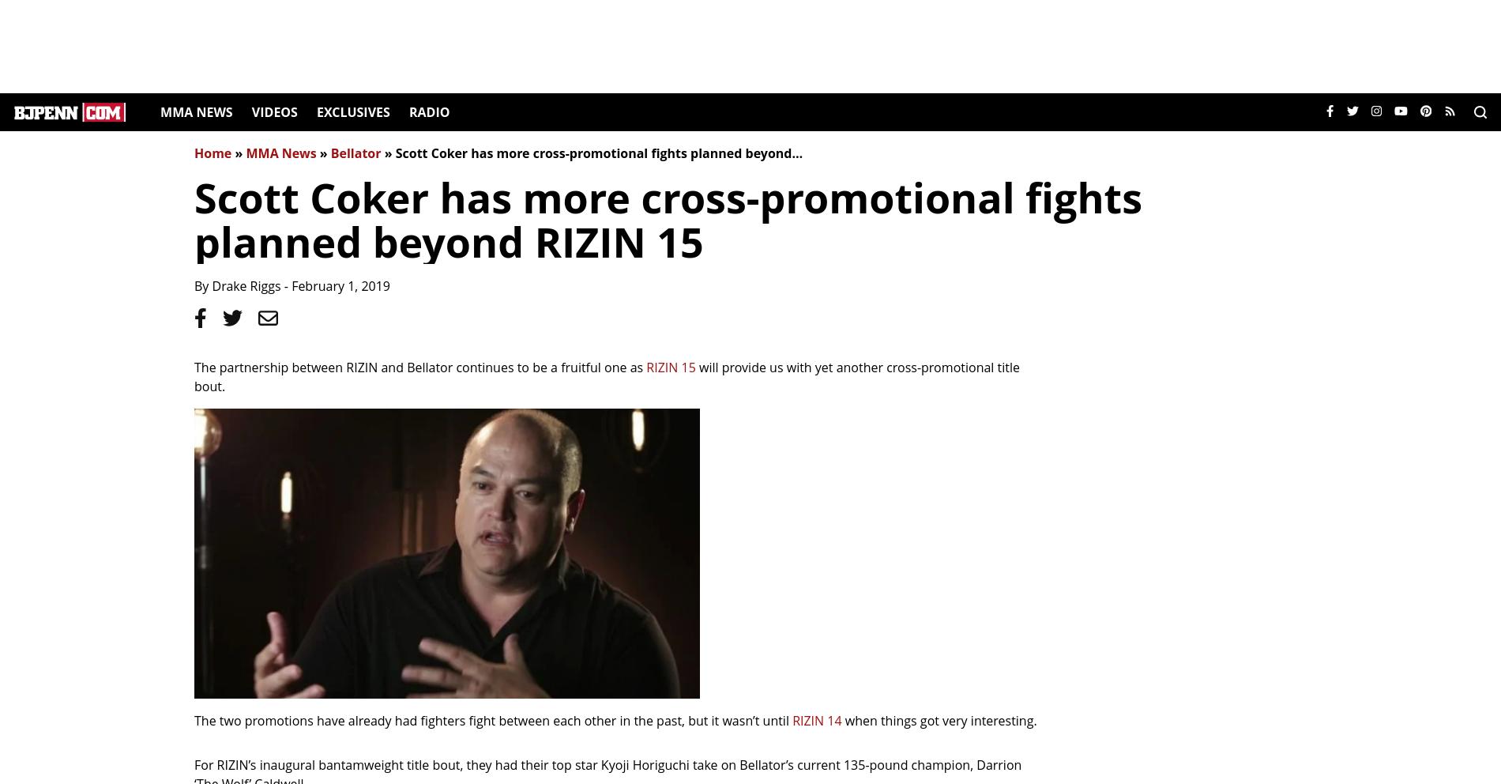  Describe the element at coordinates (329, 153) in the screenshot. I see `'Bellator'` at that location.